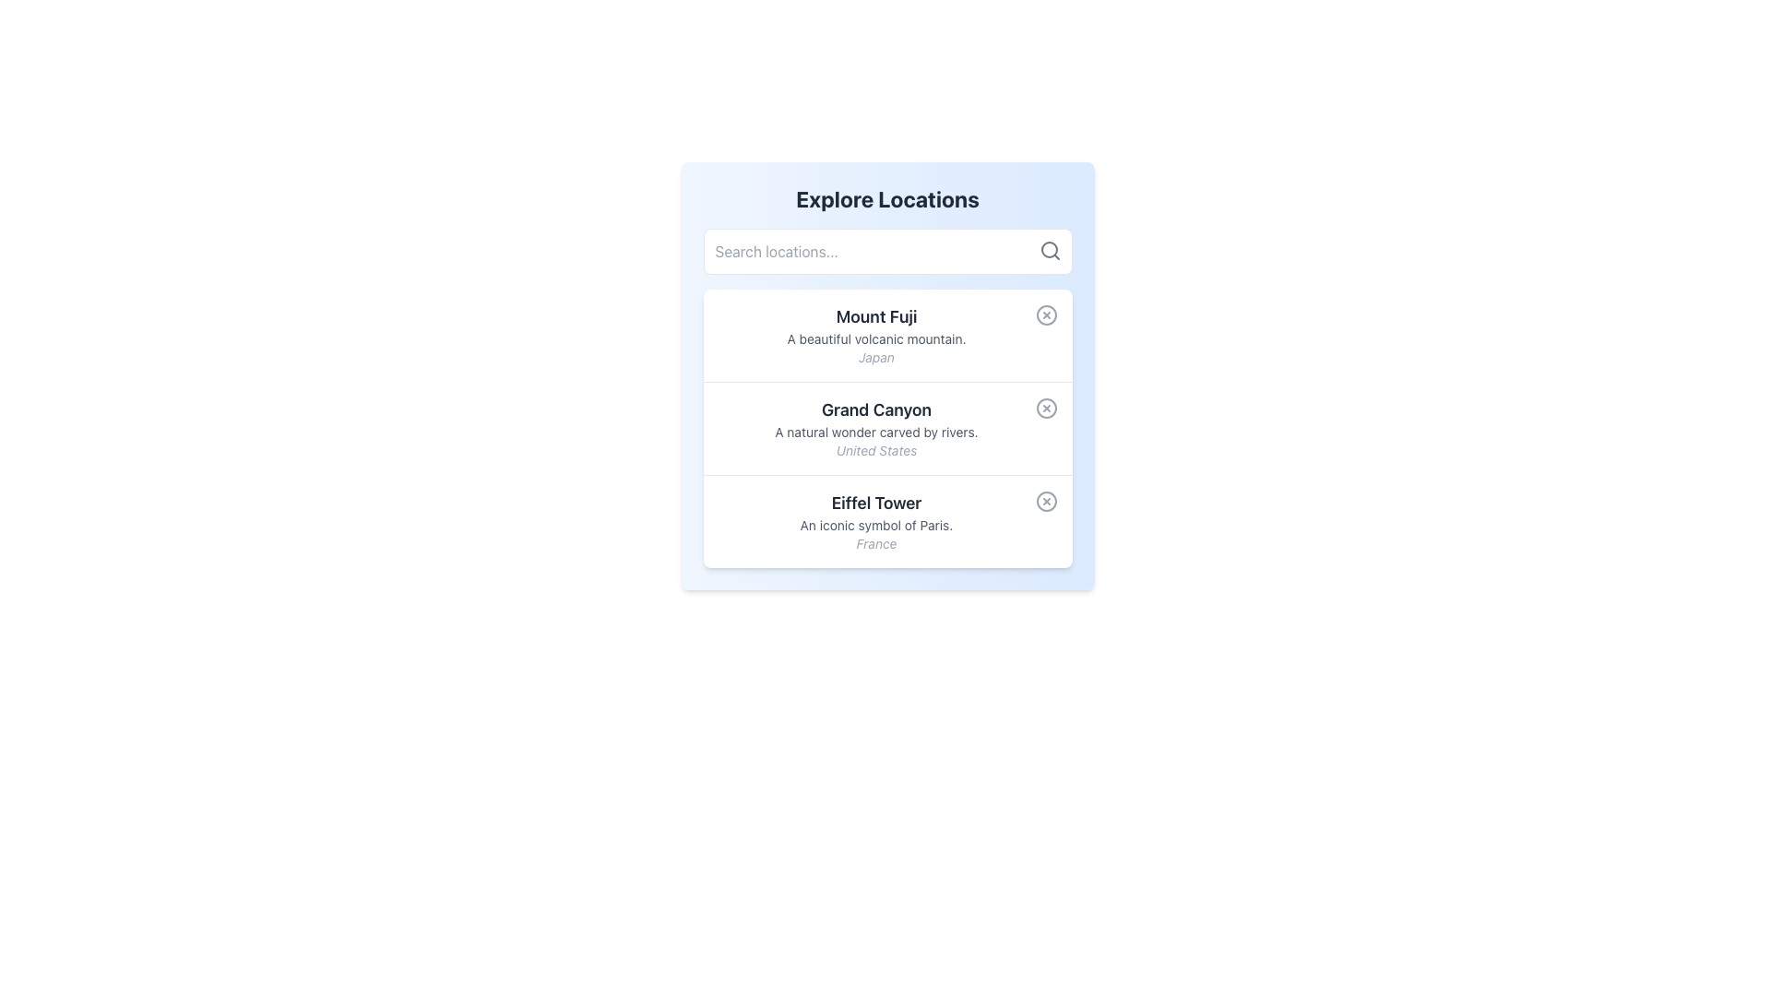 The image size is (1771, 996). Describe the element at coordinates (1049, 249) in the screenshot. I see `the hollow circular graphic that represents the lens of the search icon in the top-right corner of the search input field within the 'Explore Locations' panel` at that location.